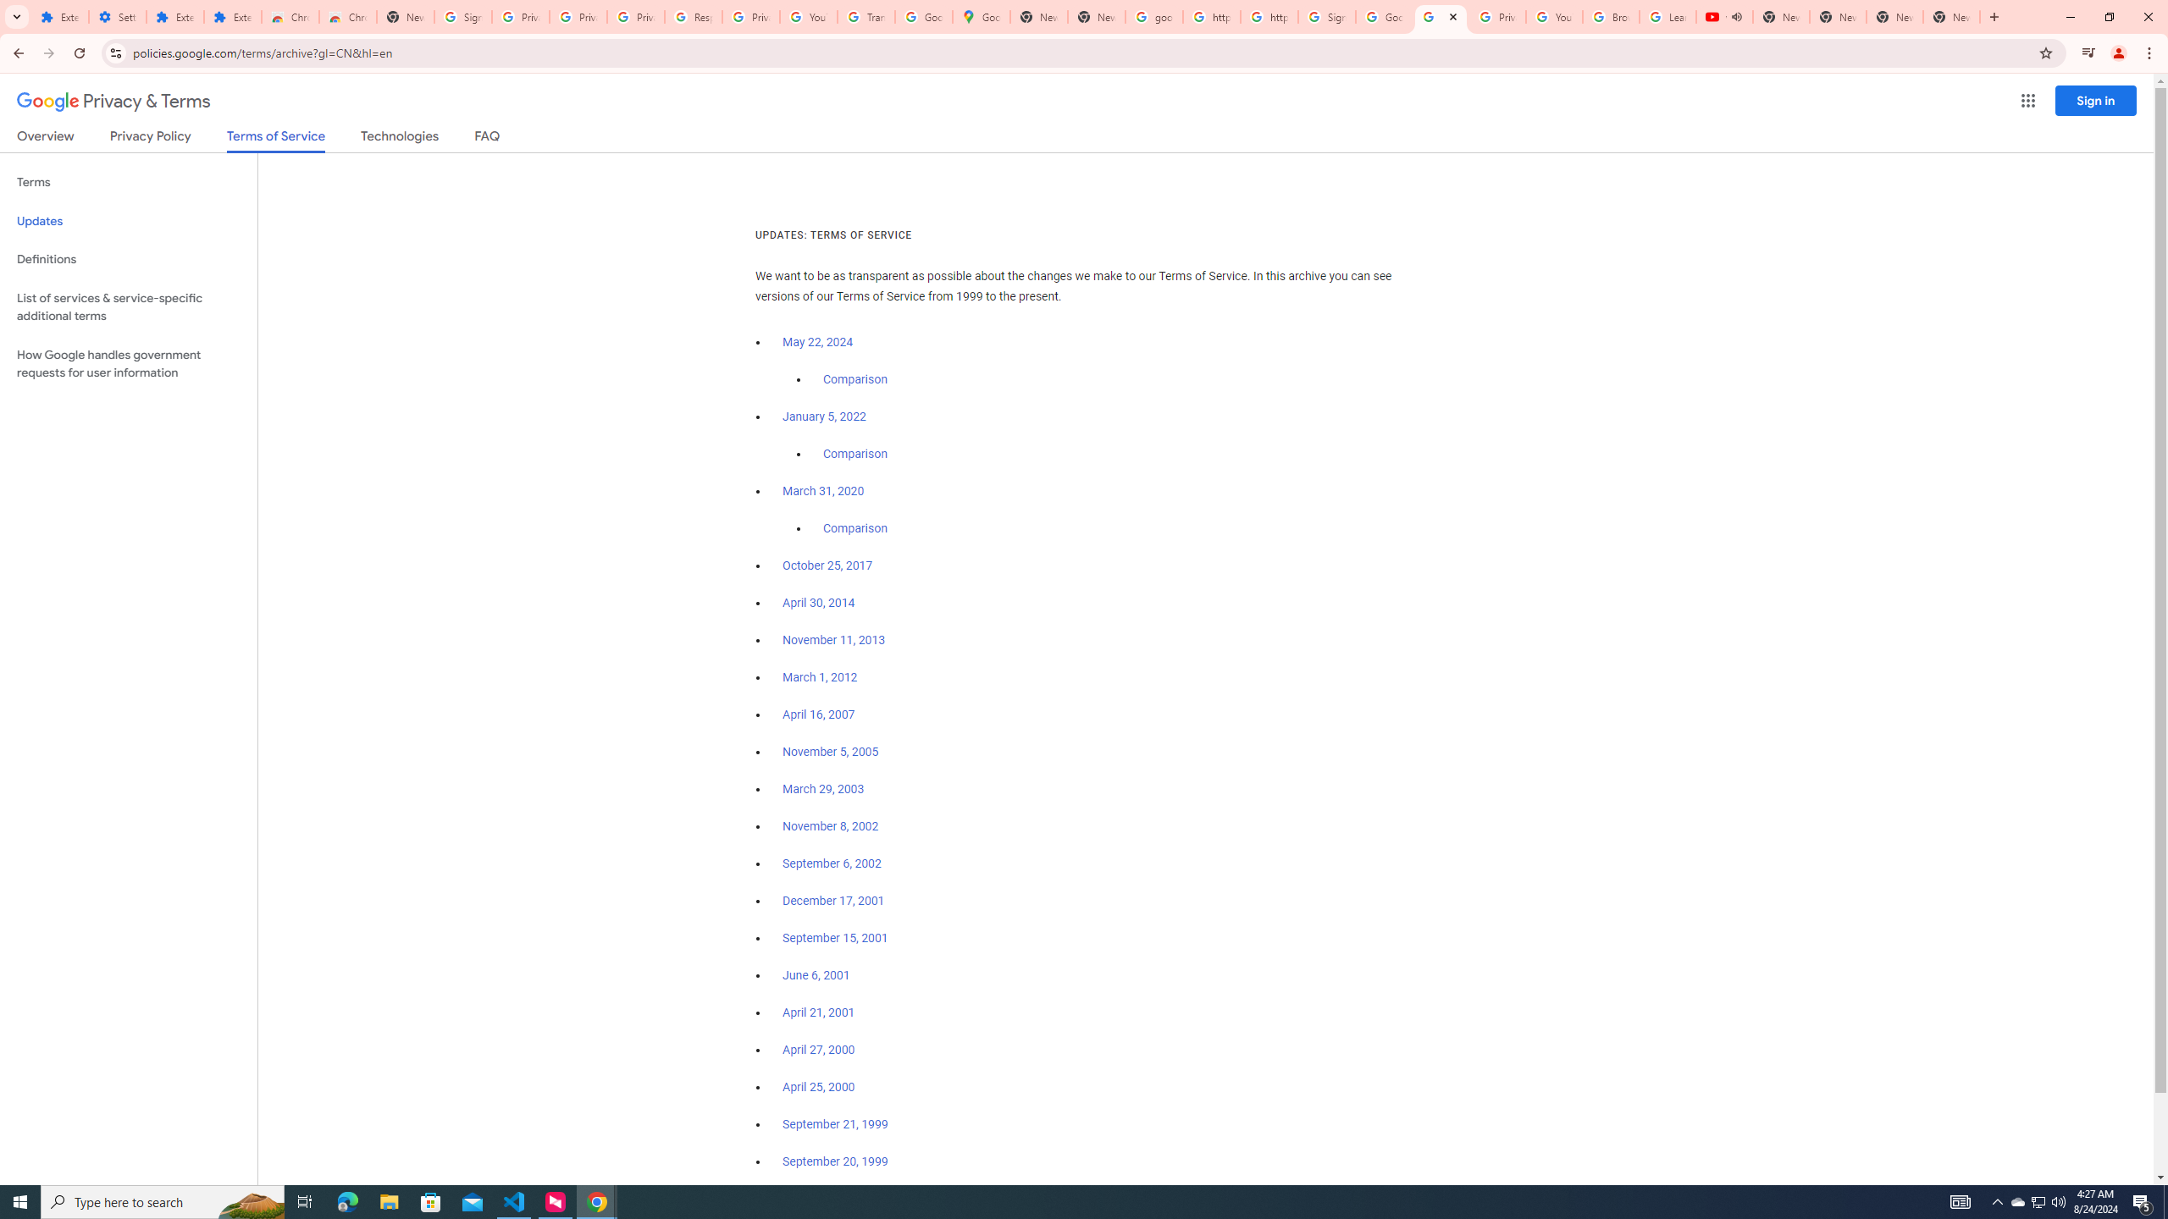  Describe the element at coordinates (822, 492) in the screenshot. I see `'March 31, 2020'` at that location.